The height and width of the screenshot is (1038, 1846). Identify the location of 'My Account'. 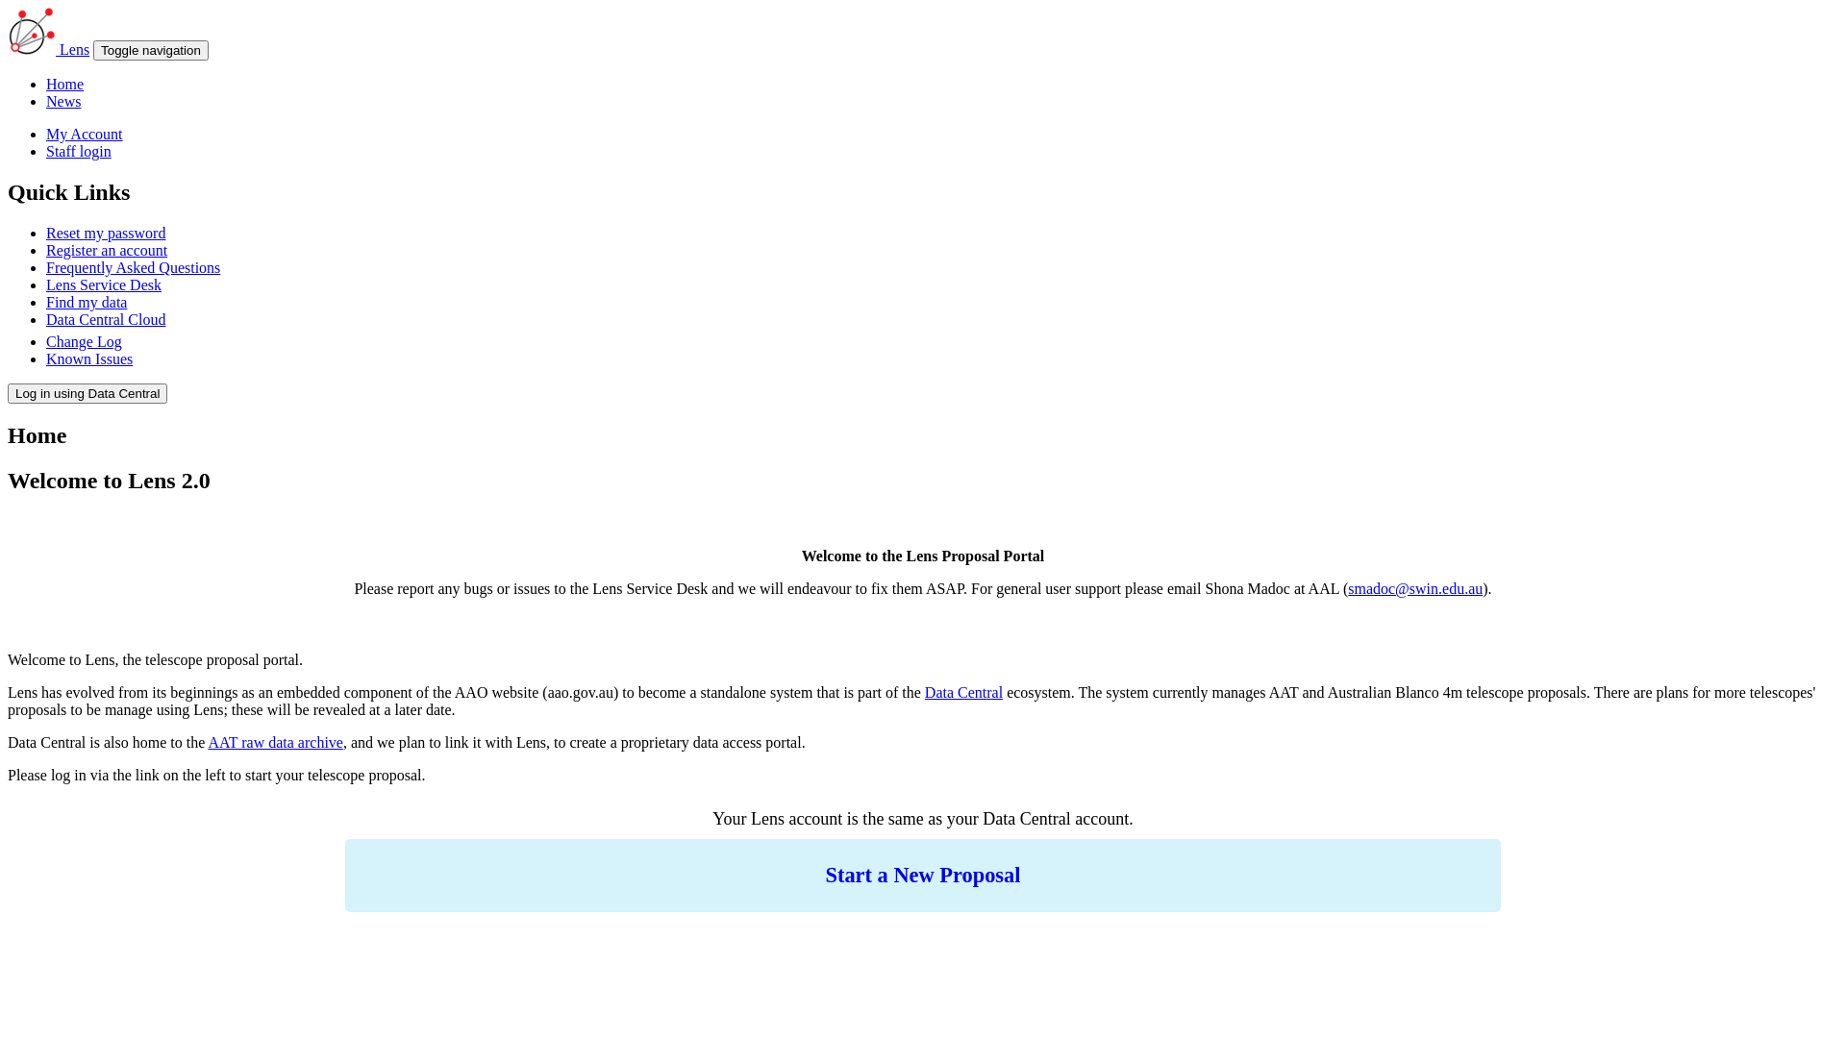
(83, 133).